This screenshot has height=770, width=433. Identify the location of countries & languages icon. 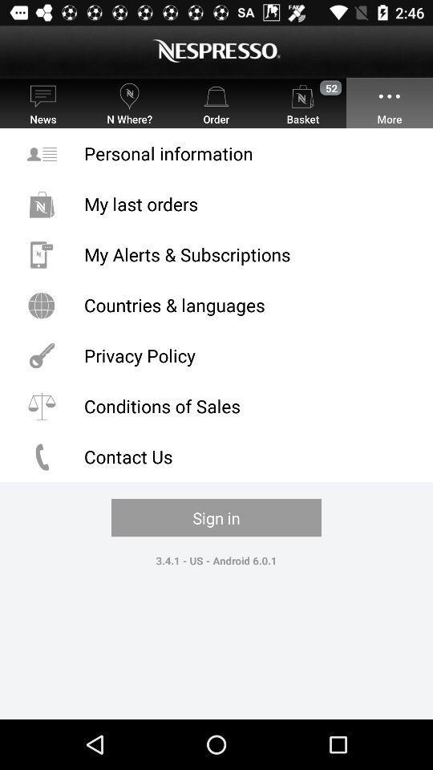
(216, 304).